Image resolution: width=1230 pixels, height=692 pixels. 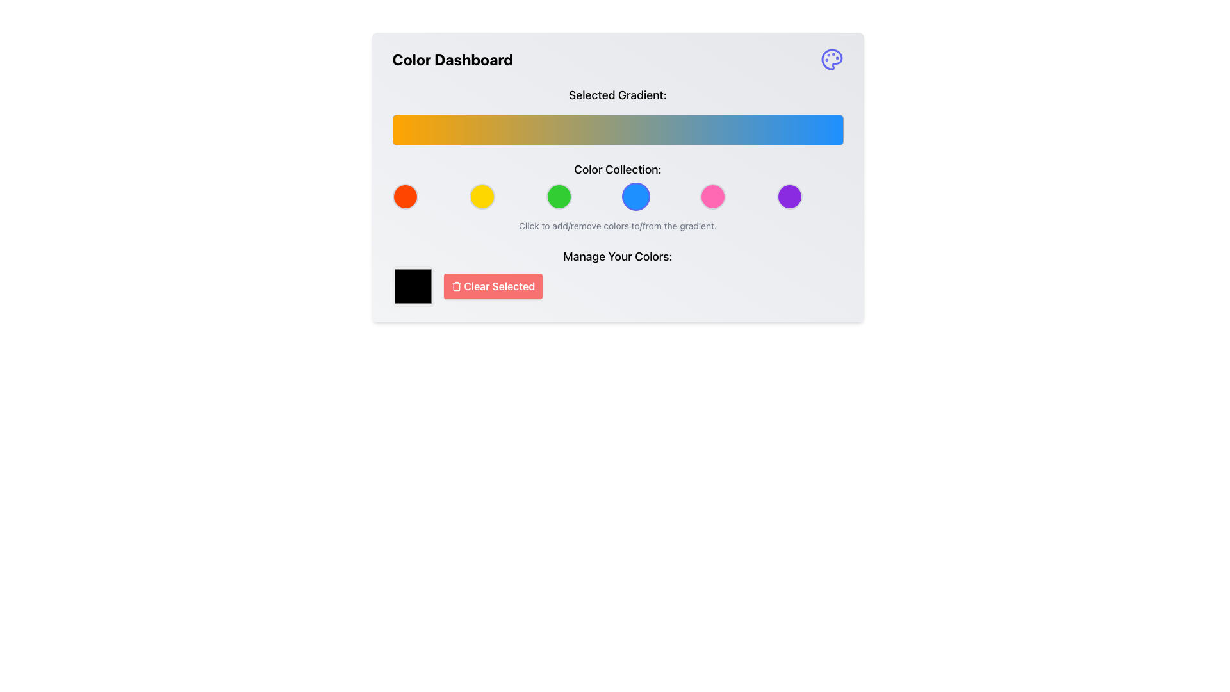 I want to click on the gradient displayed in the Gradient Display Section, which is located immediately below the heading 'Selected Gradient:' and visually indicates the selected gradient color scheme, so click(x=618, y=116).